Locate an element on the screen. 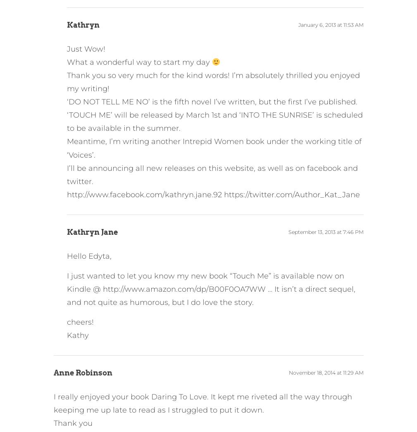 The image size is (417, 432). 'September 13, 2013 at 7:46 PM' is located at coordinates (326, 231).